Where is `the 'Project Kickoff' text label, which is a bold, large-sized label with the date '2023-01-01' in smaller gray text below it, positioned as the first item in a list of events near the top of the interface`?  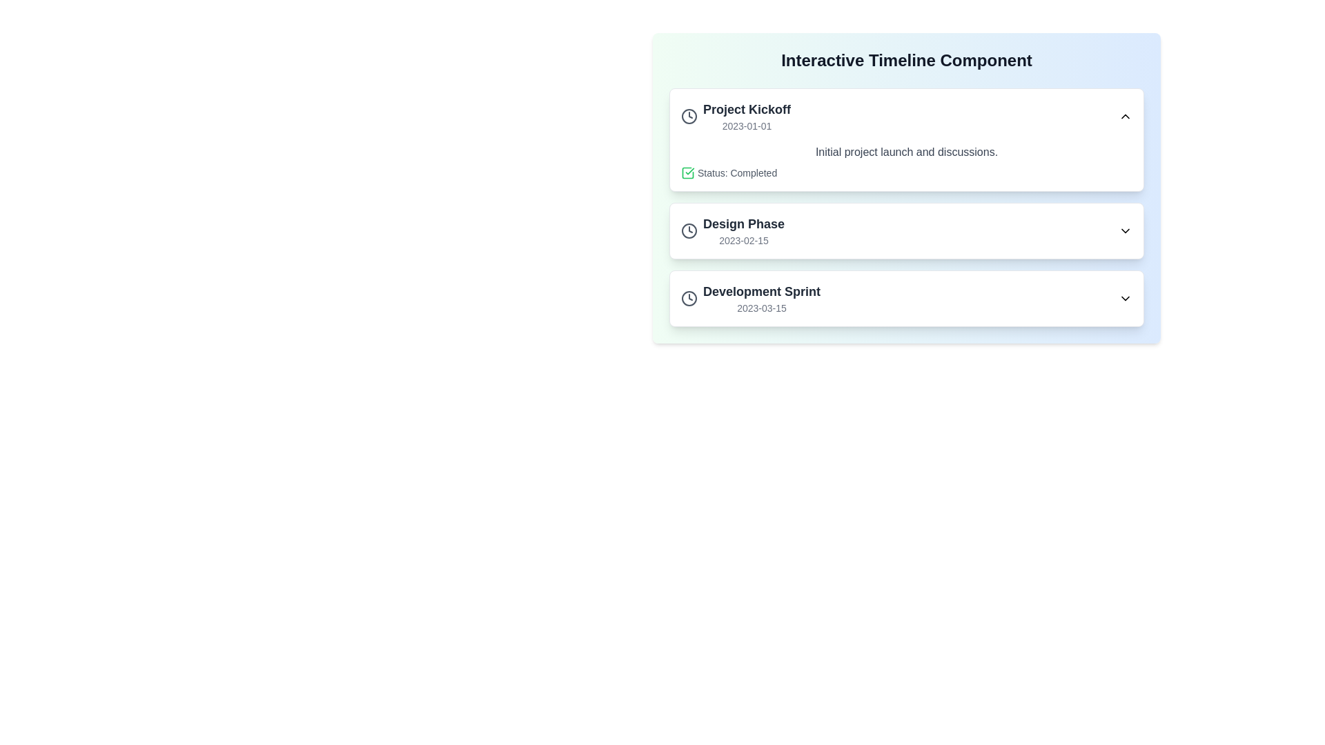
the 'Project Kickoff' text label, which is a bold, large-sized label with the date '2023-01-01' in smaller gray text below it, positioned as the first item in a list of events near the top of the interface is located at coordinates (746, 116).